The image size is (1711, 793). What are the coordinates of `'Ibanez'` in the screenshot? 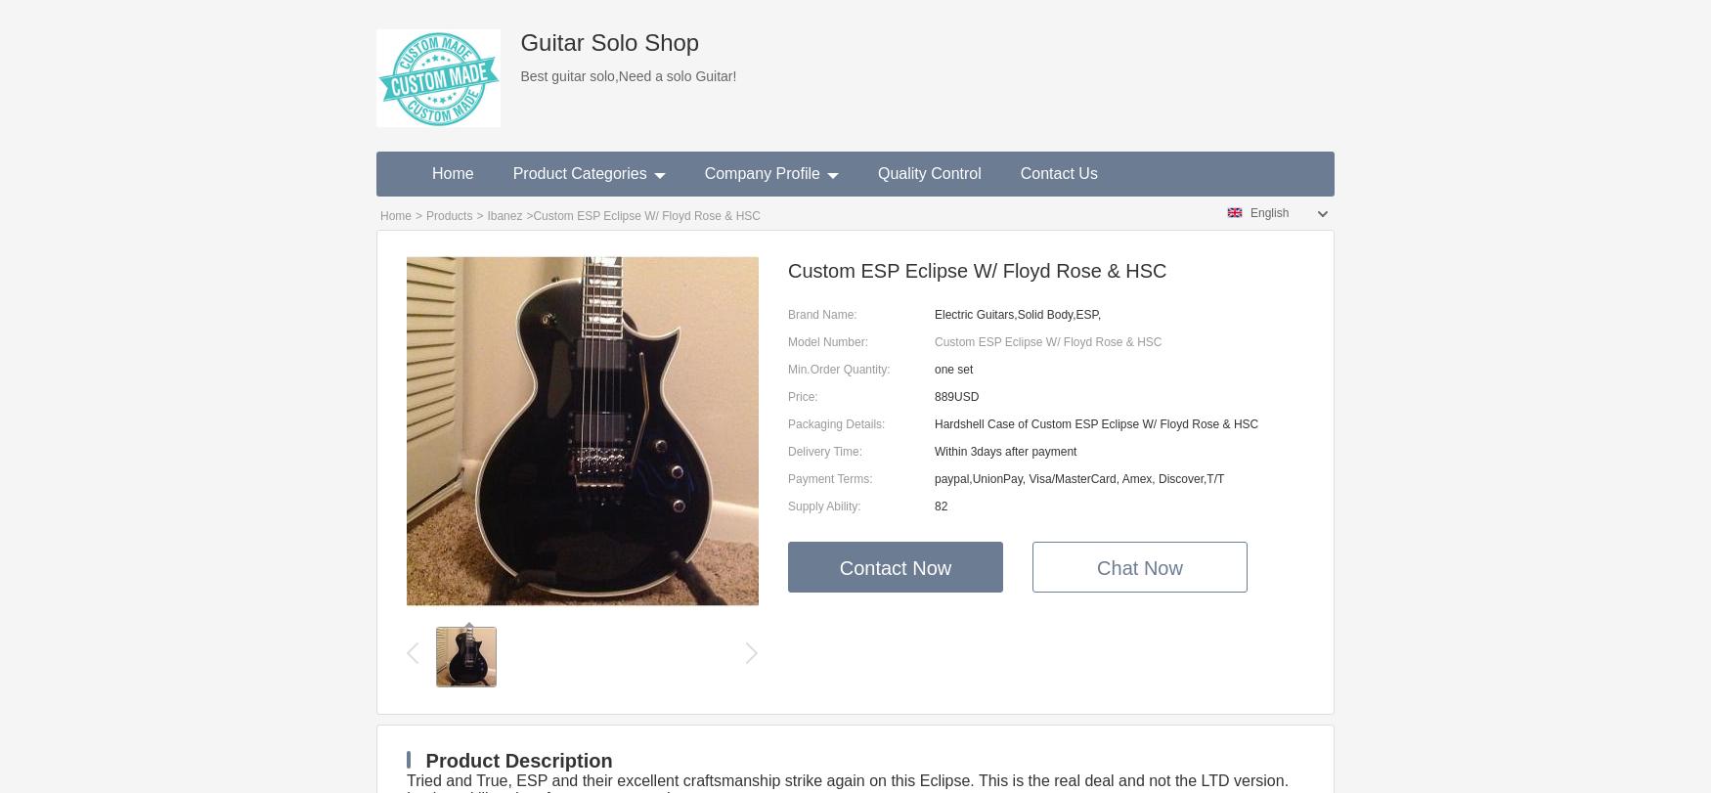 It's located at (504, 215).